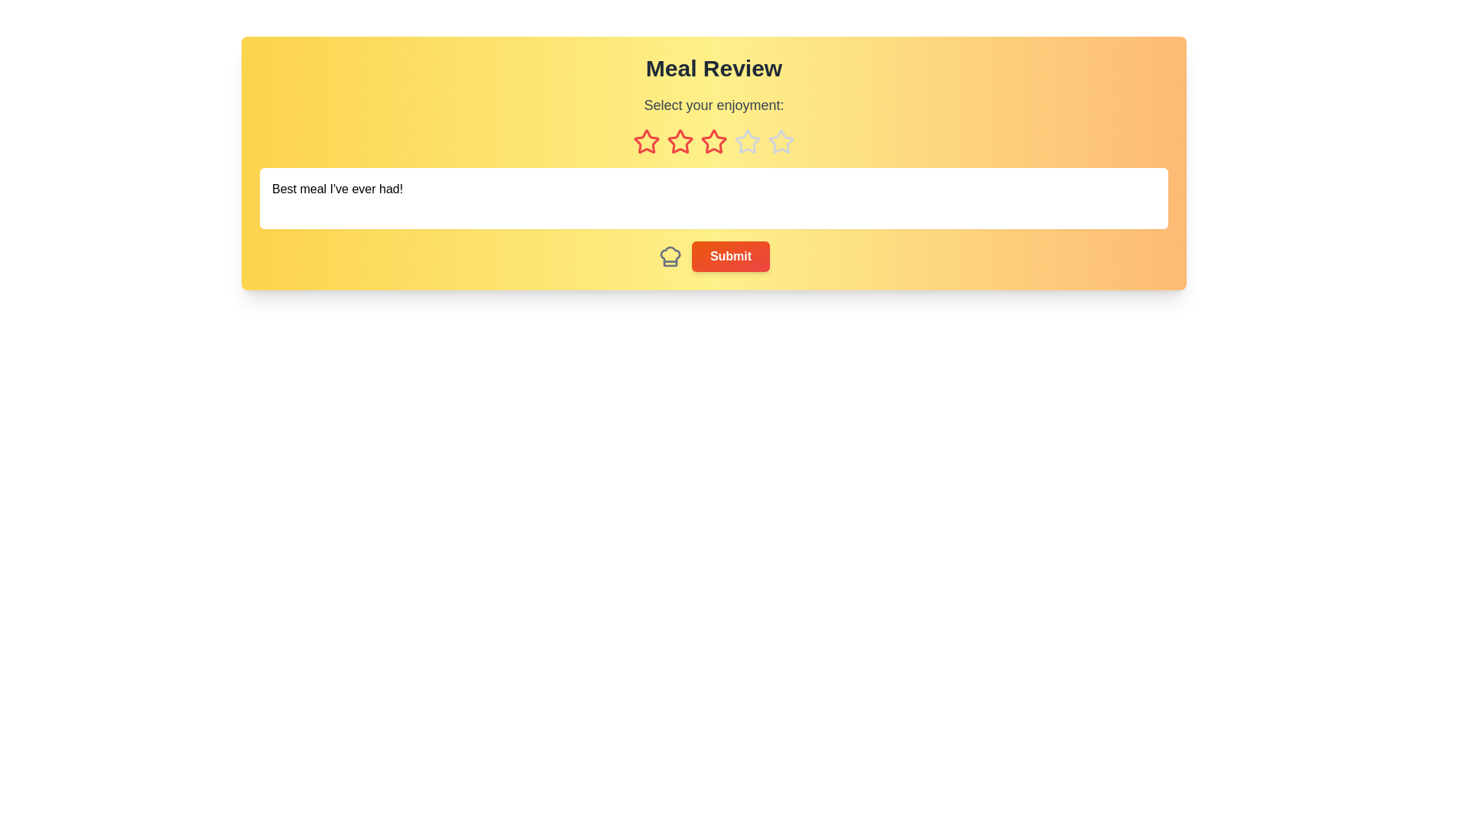 The image size is (1468, 825). What do you see at coordinates (713, 141) in the screenshot?
I see `the third star in the row of five rating stars` at bounding box center [713, 141].